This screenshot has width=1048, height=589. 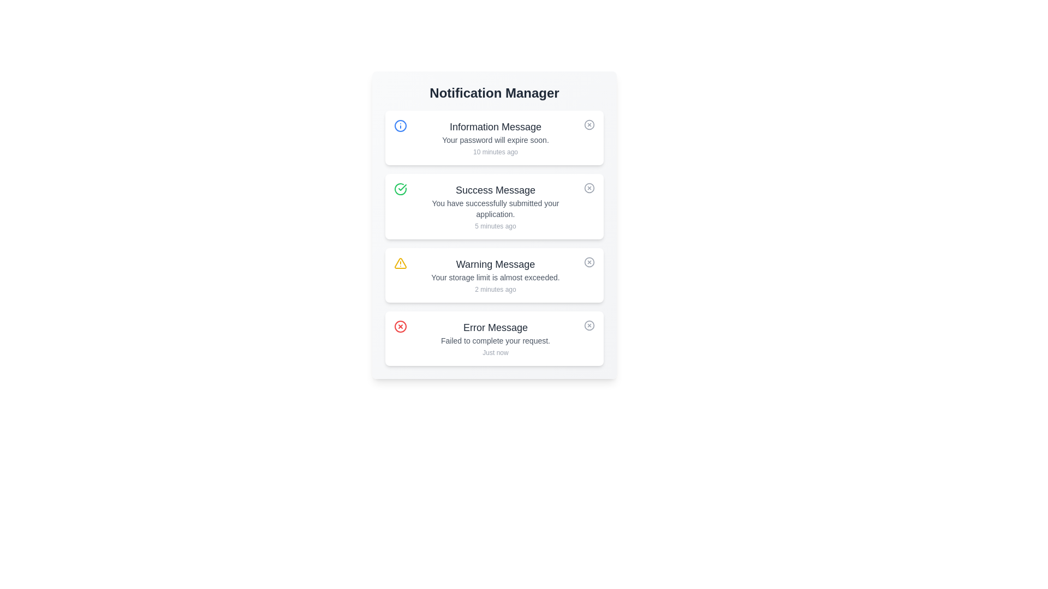 I want to click on the success icon located in the top-left corner of the 'Success Message' notification card, adjacent to the title text, so click(x=400, y=189).